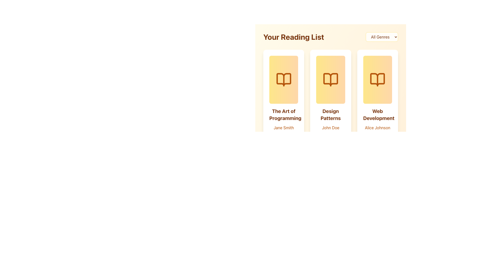 This screenshot has height=270, width=481. Describe the element at coordinates (331, 79) in the screenshot. I see `the amber book-shaped icon with an open book design, prominently displayed on the second rounded rectangular card in the reading list interface` at that location.